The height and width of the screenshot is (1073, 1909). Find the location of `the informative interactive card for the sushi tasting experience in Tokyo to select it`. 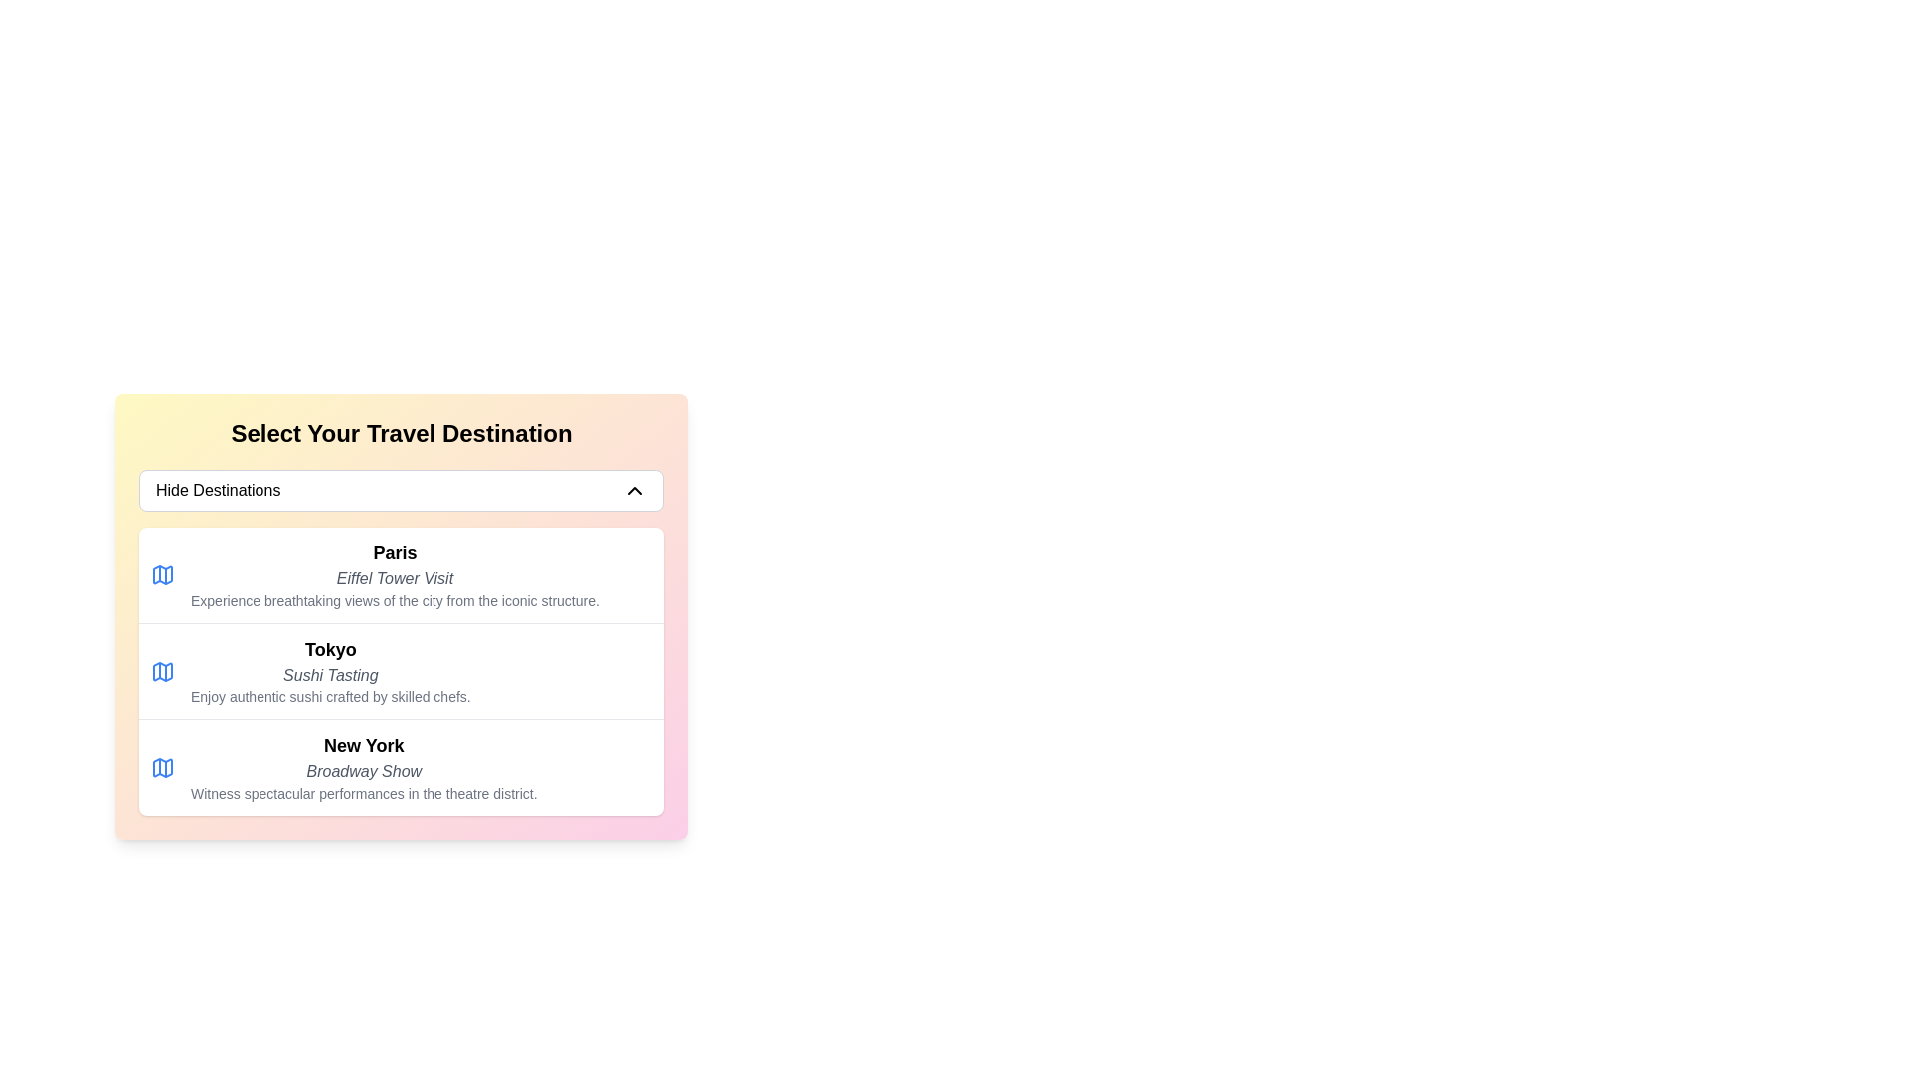

the informative interactive card for the sushi tasting experience in Tokyo to select it is located at coordinates (400, 671).